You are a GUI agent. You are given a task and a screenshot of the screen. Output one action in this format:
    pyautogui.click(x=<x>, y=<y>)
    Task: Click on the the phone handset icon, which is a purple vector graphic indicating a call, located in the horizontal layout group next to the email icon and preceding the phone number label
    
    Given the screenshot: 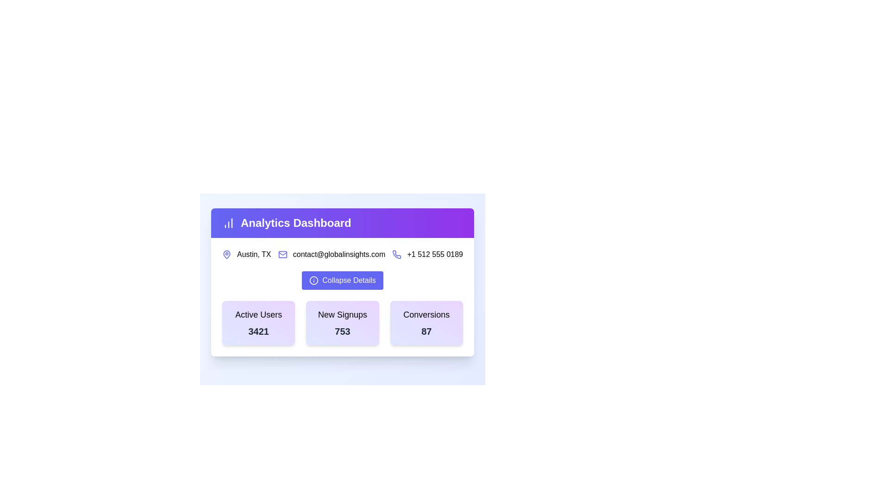 What is the action you would take?
    pyautogui.click(x=397, y=255)
    